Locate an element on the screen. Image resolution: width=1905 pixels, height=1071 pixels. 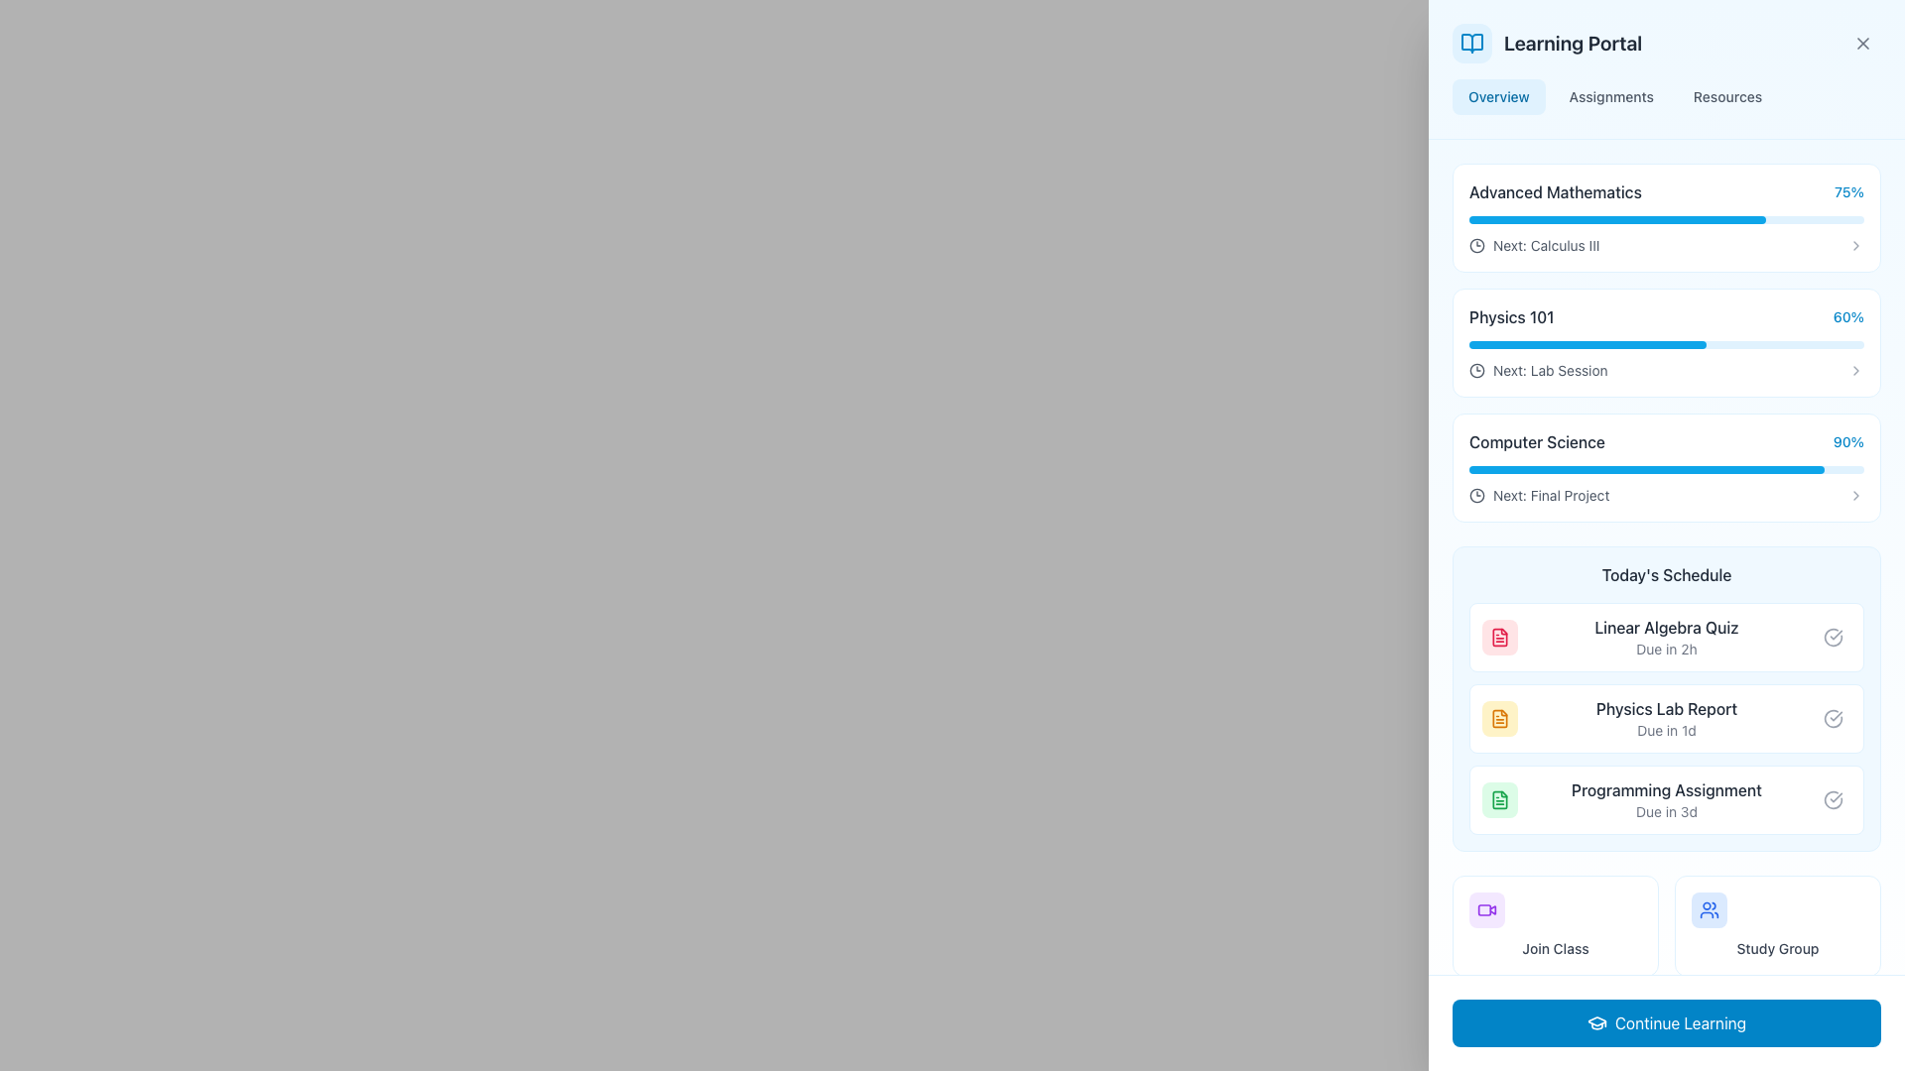
the static text display element that shows 'Programming Assignment', located in the middle right section of the interface under 'Today's Schedule' is located at coordinates (1667, 789).